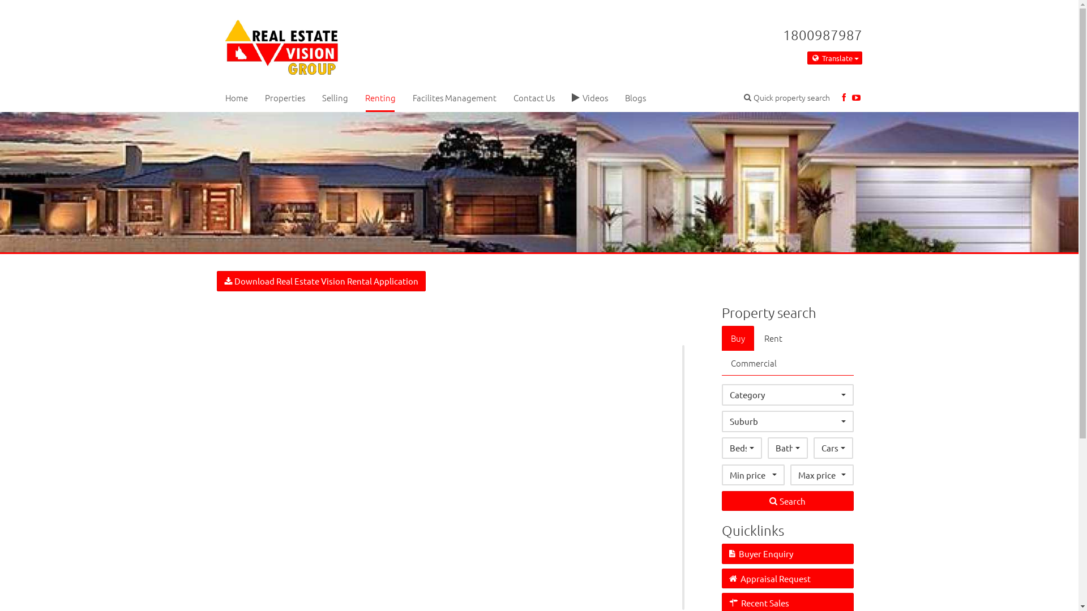 The width and height of the screenshot is (1087, 611). Describe the element at coordinates (787, 500) in the screenshot. I see `'Search'` at that location.